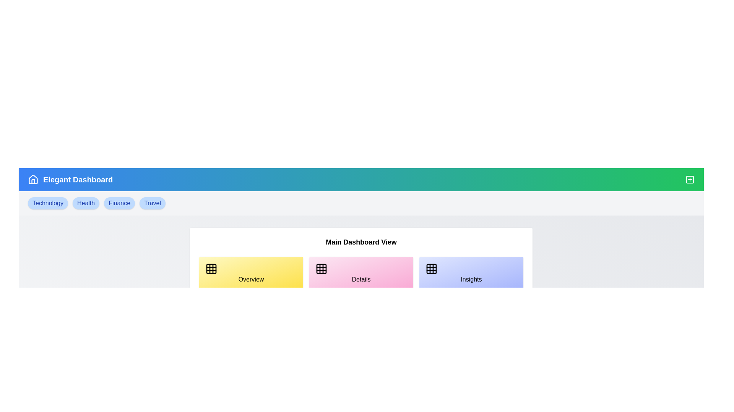 The width and height of the screenshot is (734, 412). Describe the element at coordinates (690, 179) in the screenshot. I see `the plus icon to toggle the visibility of the tags` at that location.